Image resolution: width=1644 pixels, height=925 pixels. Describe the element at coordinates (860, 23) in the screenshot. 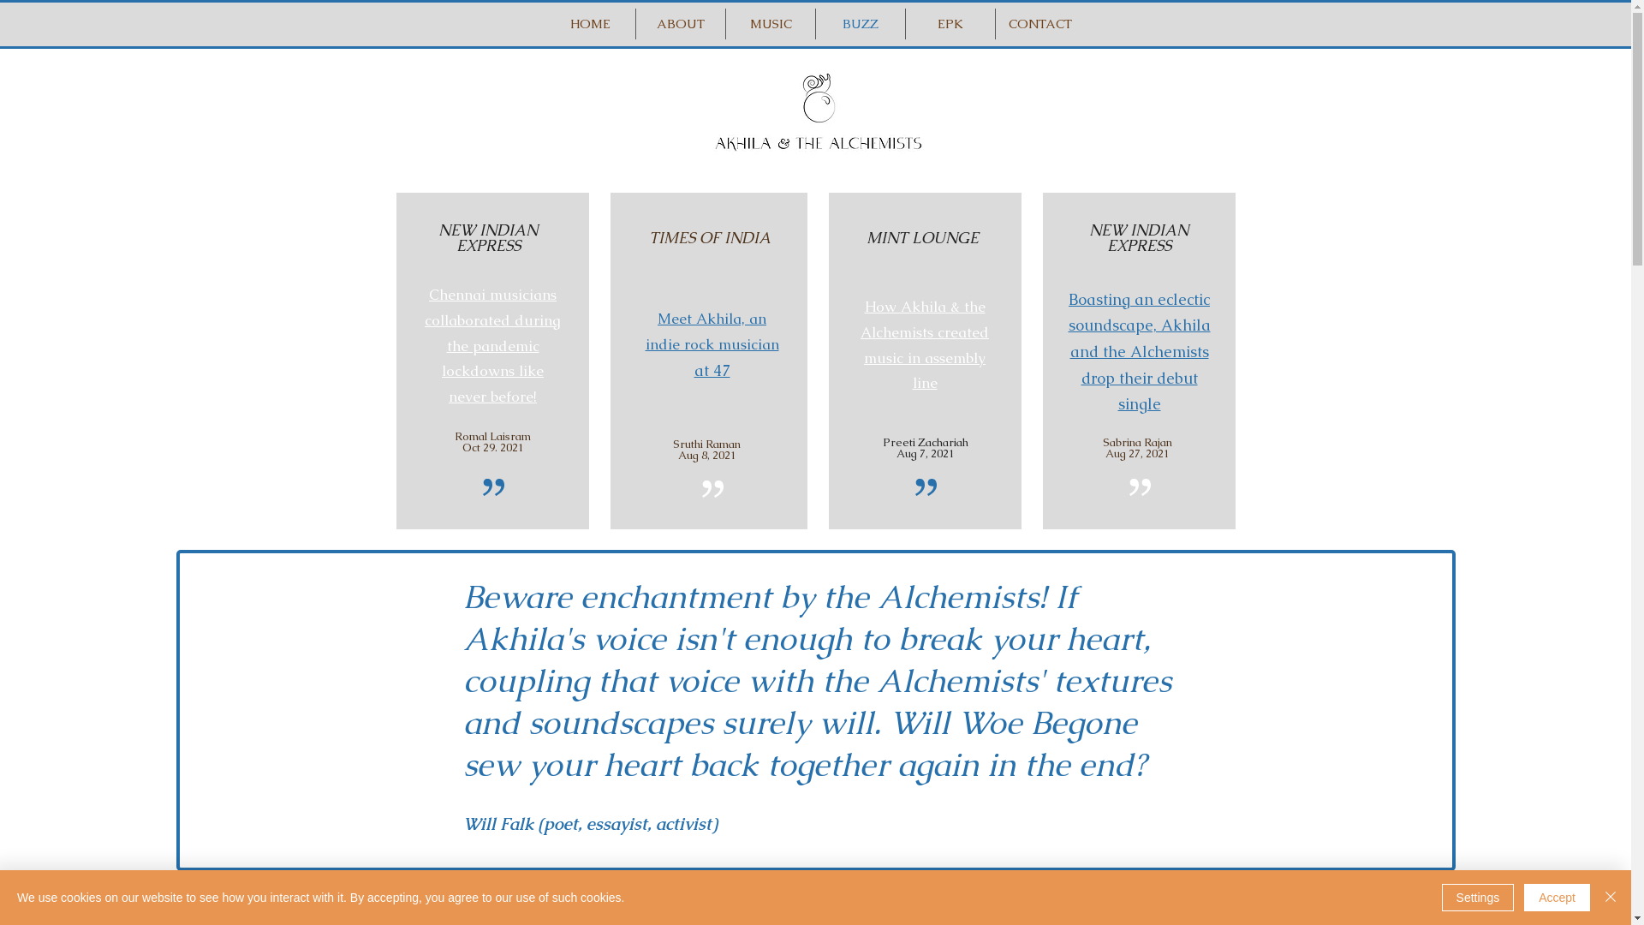

I see `'BUZZ'` at that location.